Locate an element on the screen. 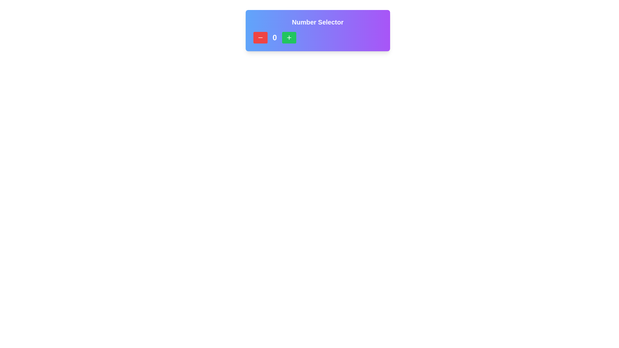  the decrement button (minus icon) located at the leftmost side of the 'Number Selector' component to decrement the value displayed in the adjacent zero indicator is located at coordinates (260, 37).